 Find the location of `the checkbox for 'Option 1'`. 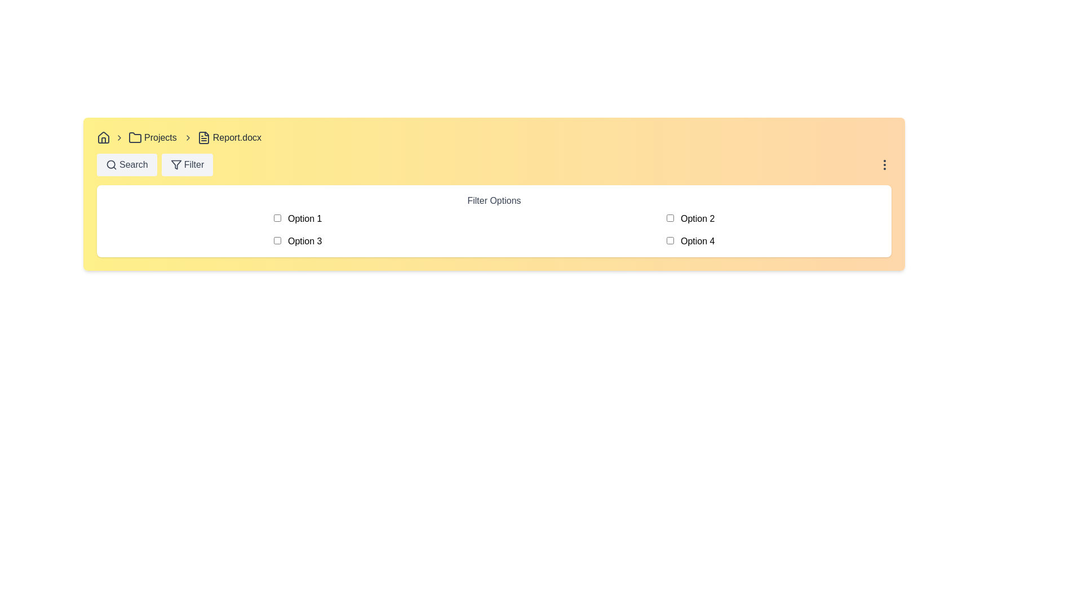

the checkbox for 'Option 1' is located at coordinates (277, 218).